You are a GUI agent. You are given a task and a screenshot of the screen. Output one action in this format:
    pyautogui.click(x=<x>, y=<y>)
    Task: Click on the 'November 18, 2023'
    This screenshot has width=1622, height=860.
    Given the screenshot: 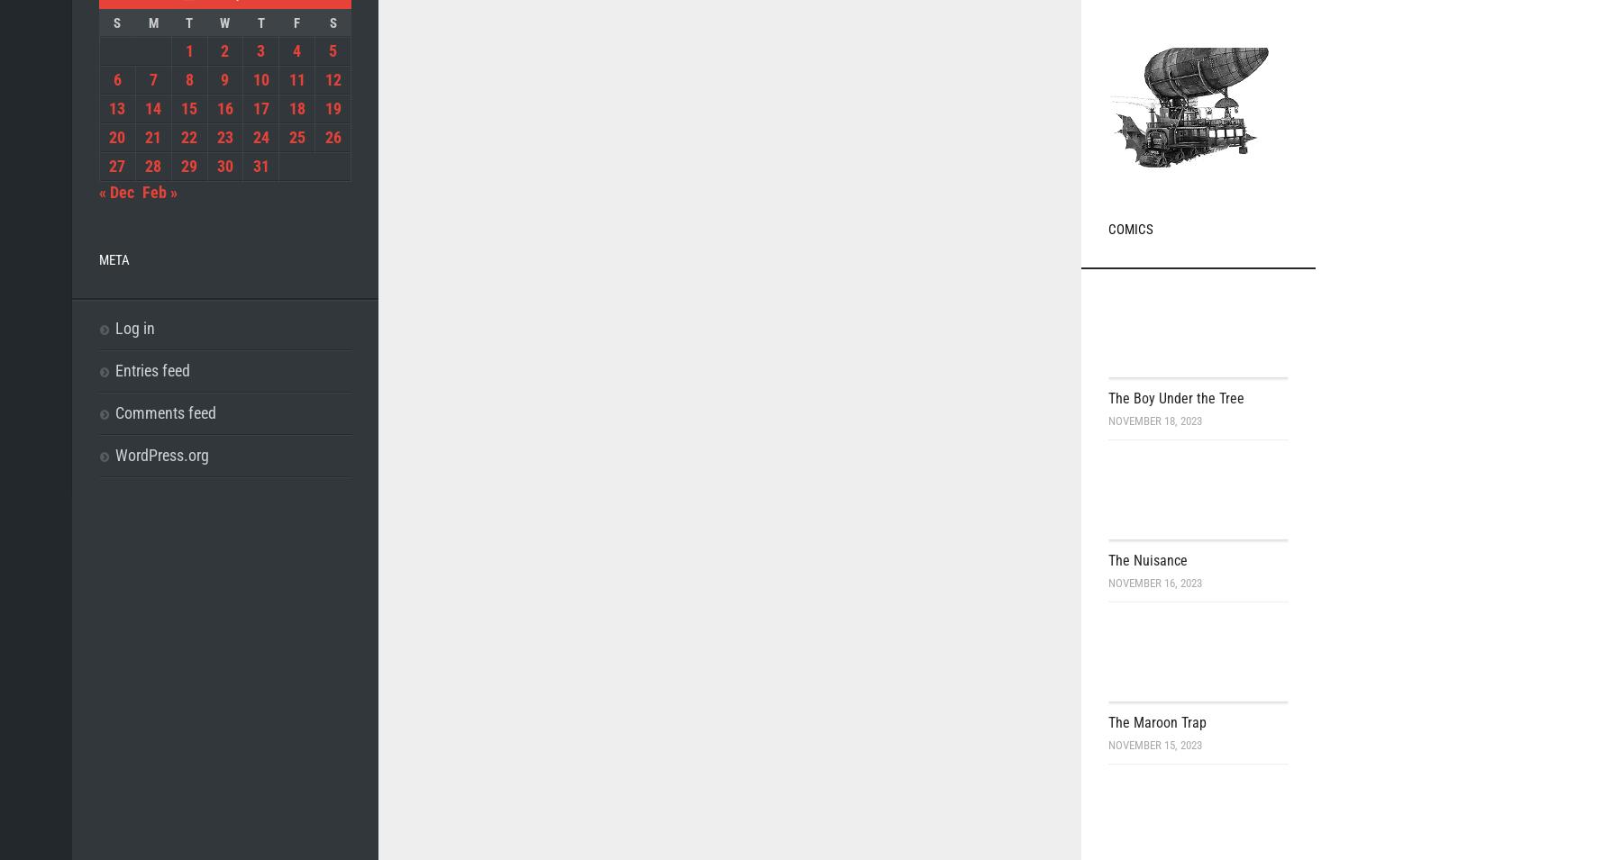 What is the action you would take?
    pyautogui.click(x=1107, y=420)
    